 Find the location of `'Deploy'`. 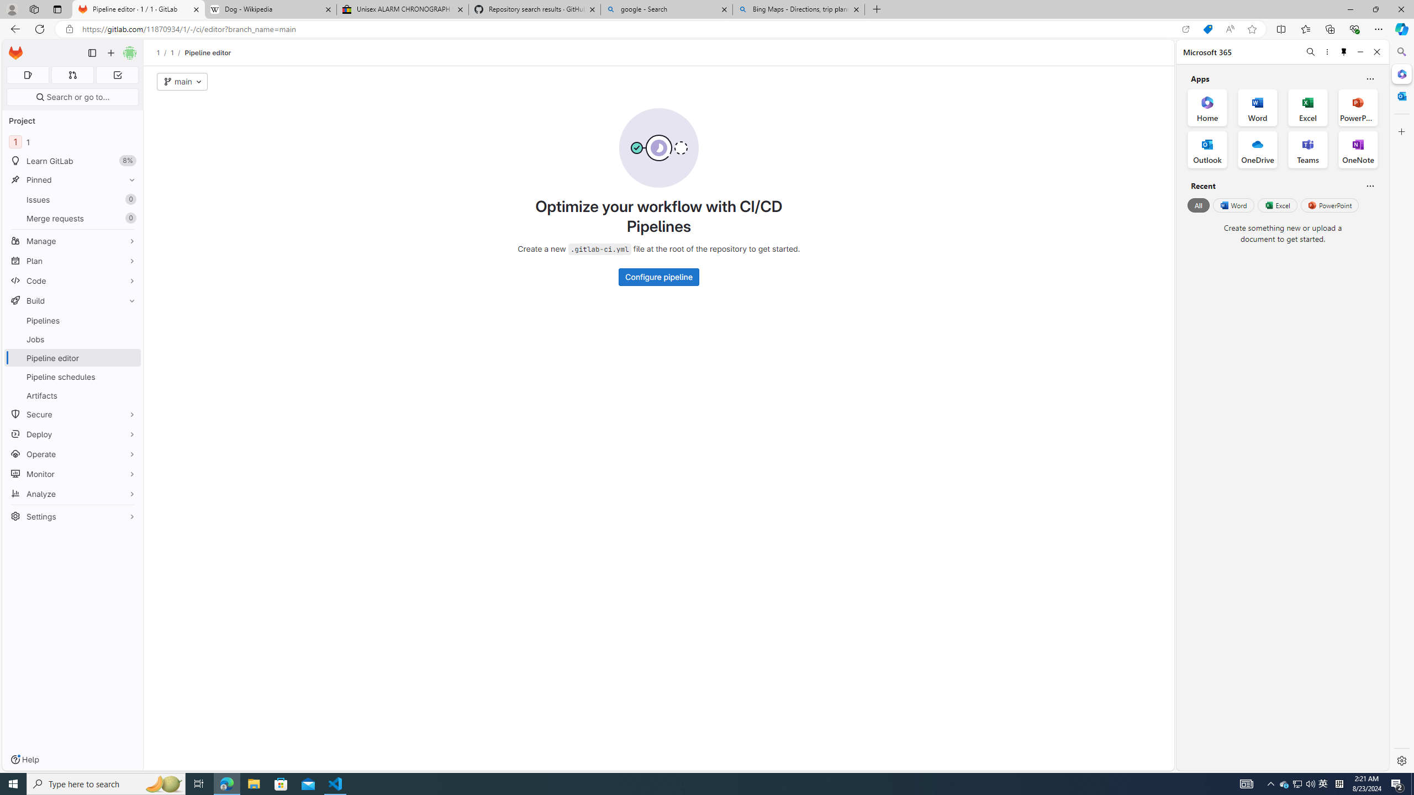

'Deploy' is located at coordinates (72, 433).